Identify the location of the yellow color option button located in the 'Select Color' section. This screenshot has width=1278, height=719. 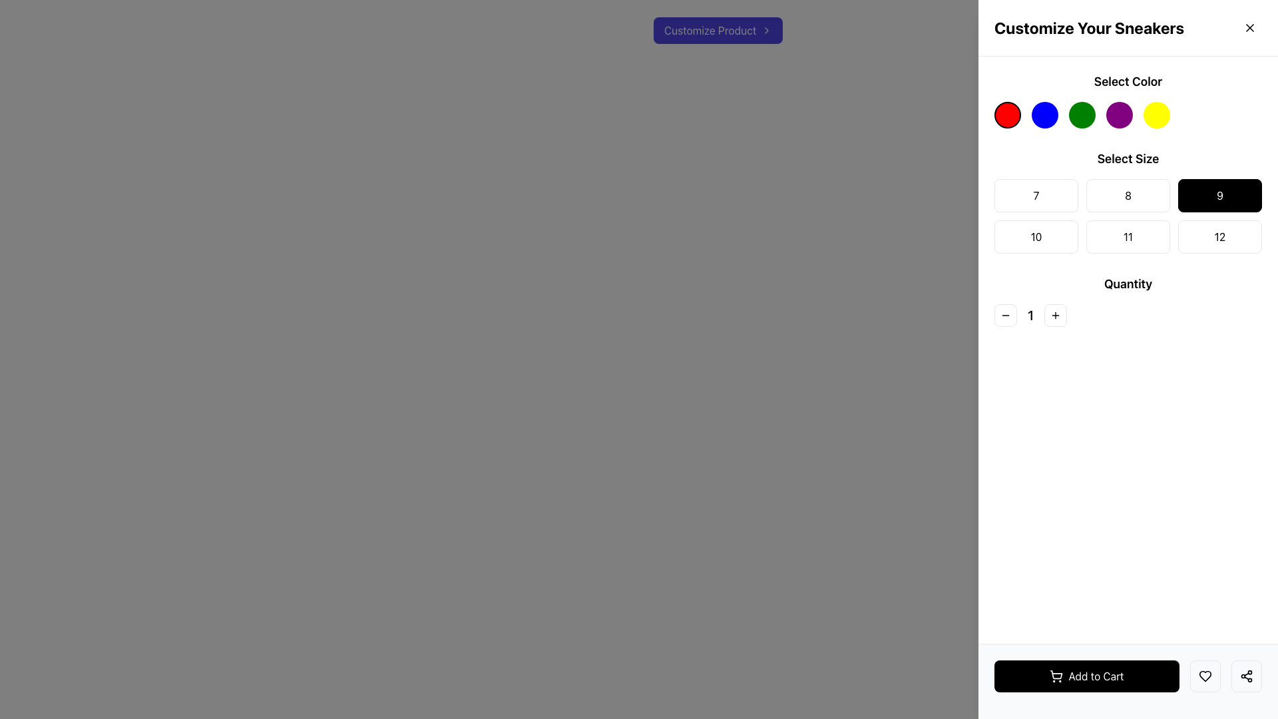
(1156, 115).